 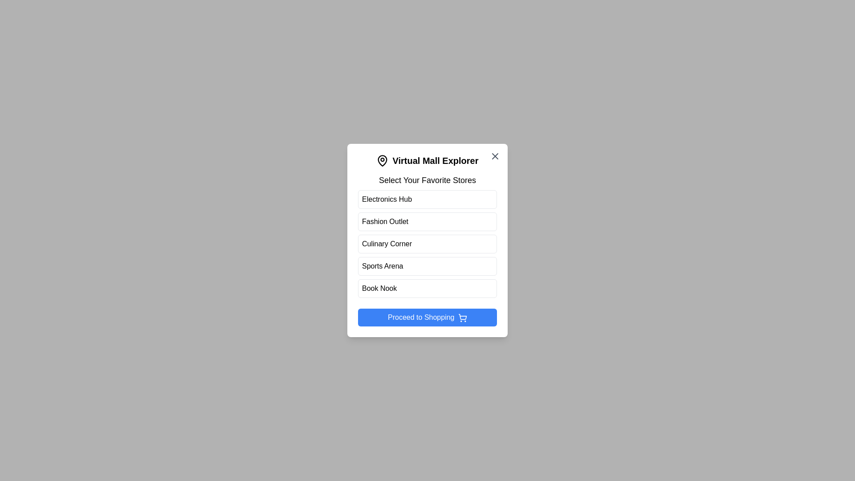 What do you see at coordinates (427, 180) in the screenshot?
I see `instructional text located directly below the title 'Virtual Mall Explorer' and above the list of store options` at bounding box center [427, 180].